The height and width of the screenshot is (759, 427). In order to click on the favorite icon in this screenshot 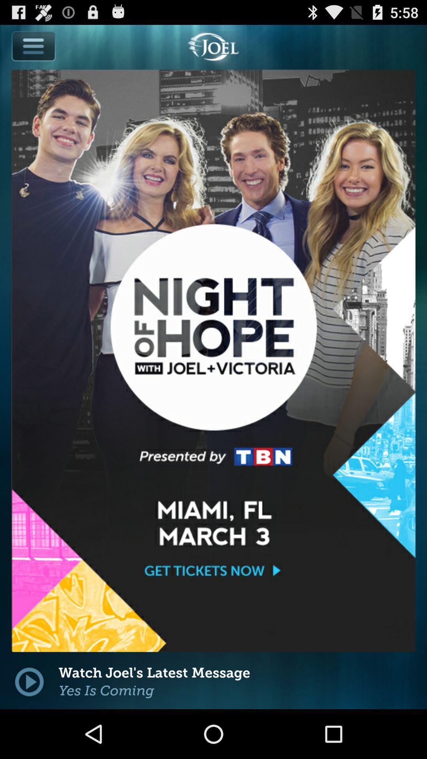, I will do `click(143, 634)`.